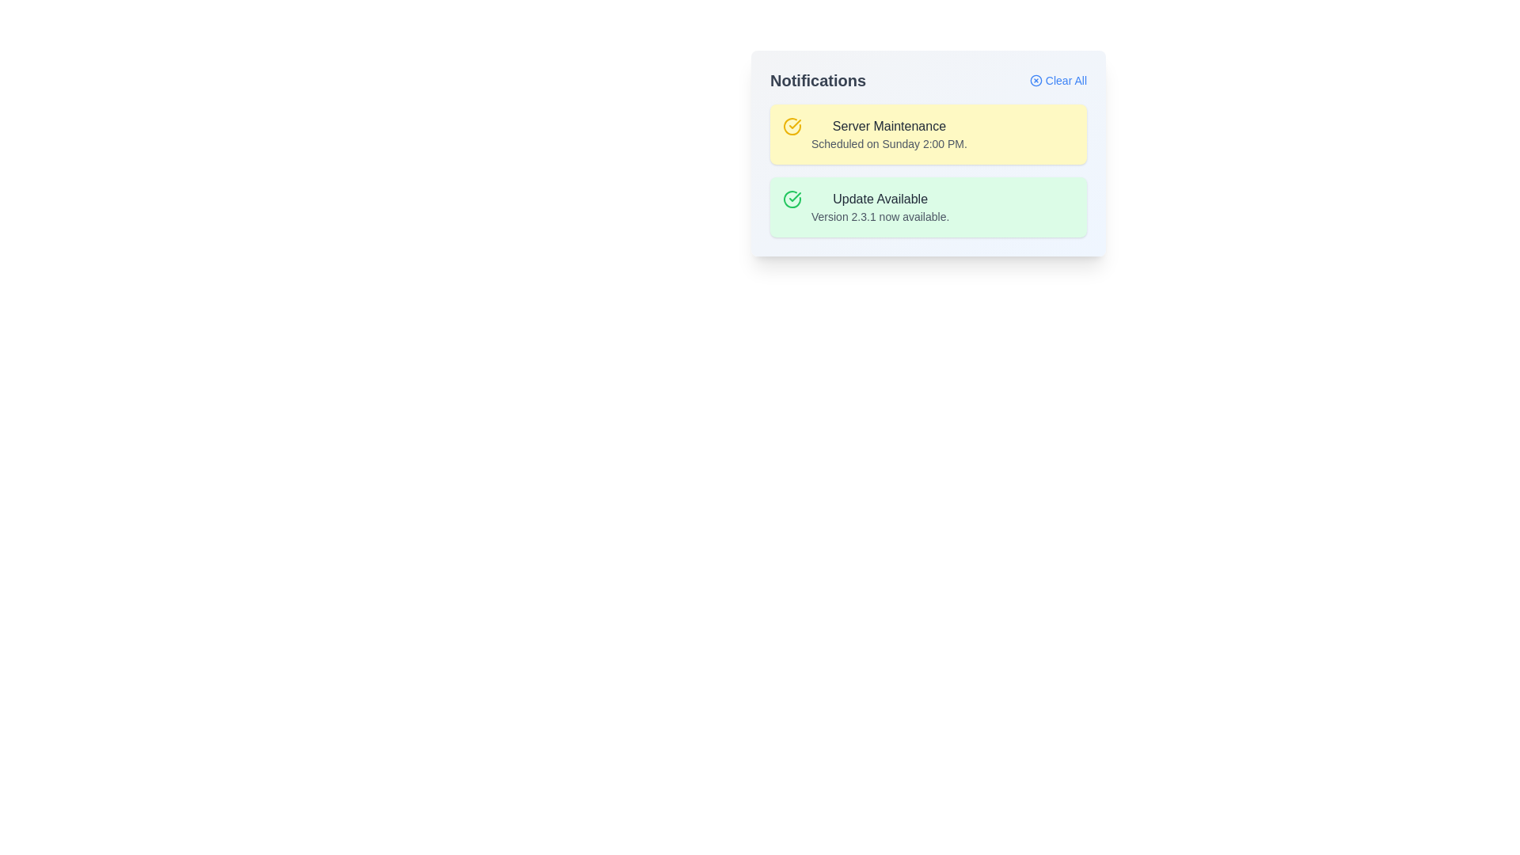  What do you see at coordinates (928, 133) in the screenshot?
I see `the first notification card, which has a yellow background and contains the text 'Server Maintenance' in bold and 'Scheduled on Sunday 2:00 PM.' below it` at bounding box center [928, 133].